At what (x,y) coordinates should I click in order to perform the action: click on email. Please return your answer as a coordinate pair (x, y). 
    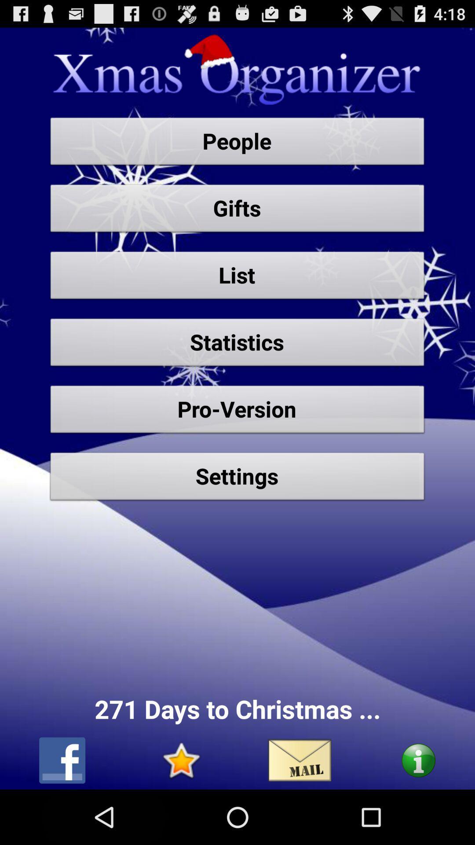
    Looking at the image, I should click on (299, 760).